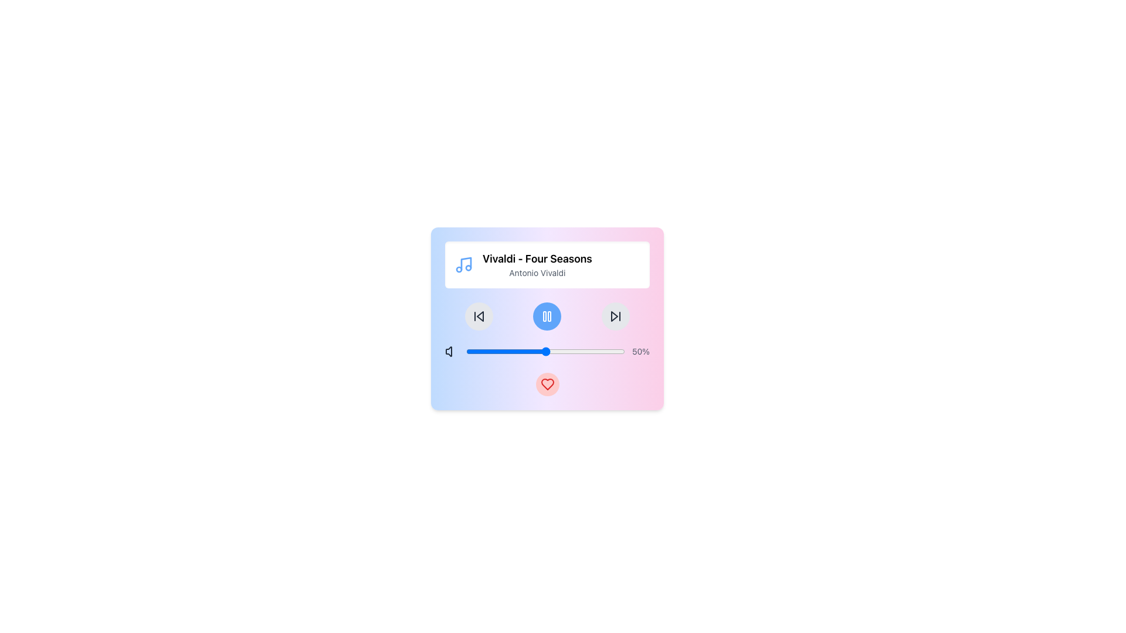 This screenshot has width=1126, height=633. Describe the element at coordinates (547, 384) in the screenshot. I see `the heart-shaped icon located at the bottom center of the widget to trigger animations or tooltips that indicate its functionality` at that location.